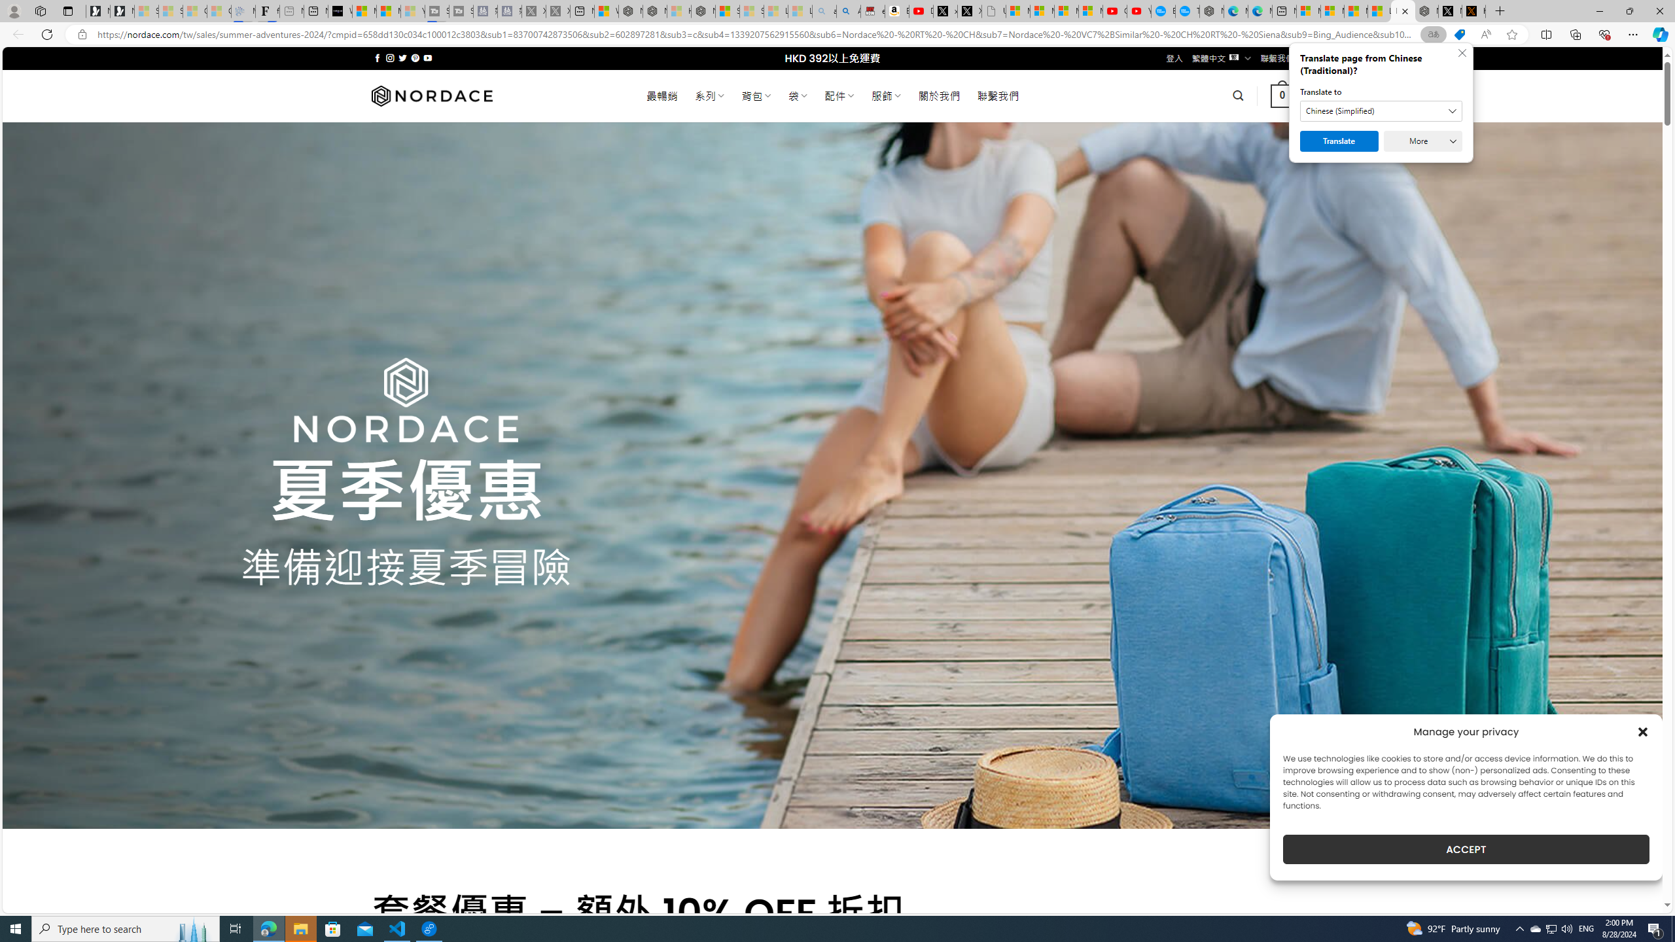  I want to click on 'Show translate options', so click(1433, 35).